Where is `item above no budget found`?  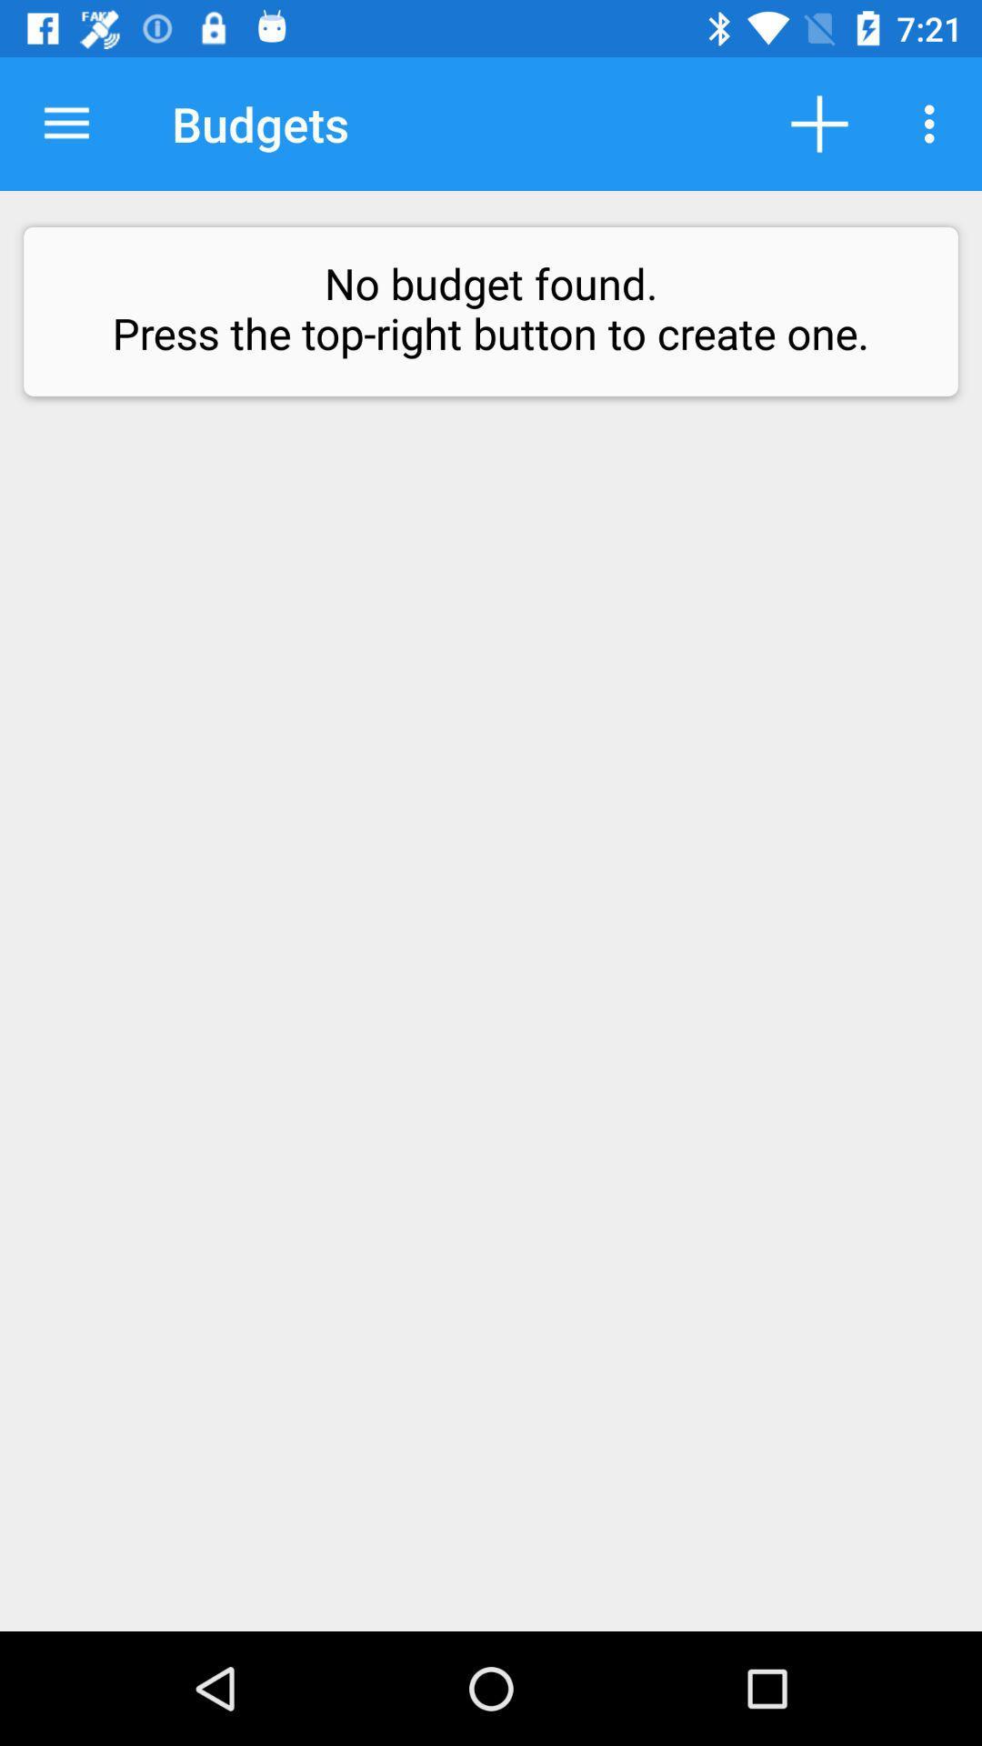 item above no budget found is located at coordinates (934, 123).